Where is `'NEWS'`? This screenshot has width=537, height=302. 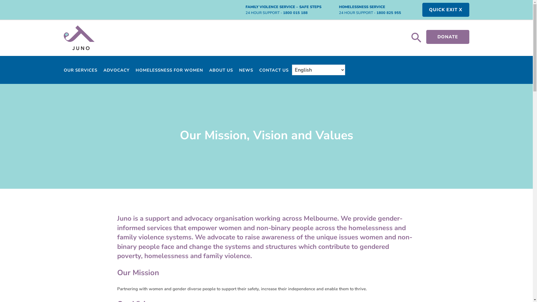 'NEWS' is located at coordinates (239, 70).